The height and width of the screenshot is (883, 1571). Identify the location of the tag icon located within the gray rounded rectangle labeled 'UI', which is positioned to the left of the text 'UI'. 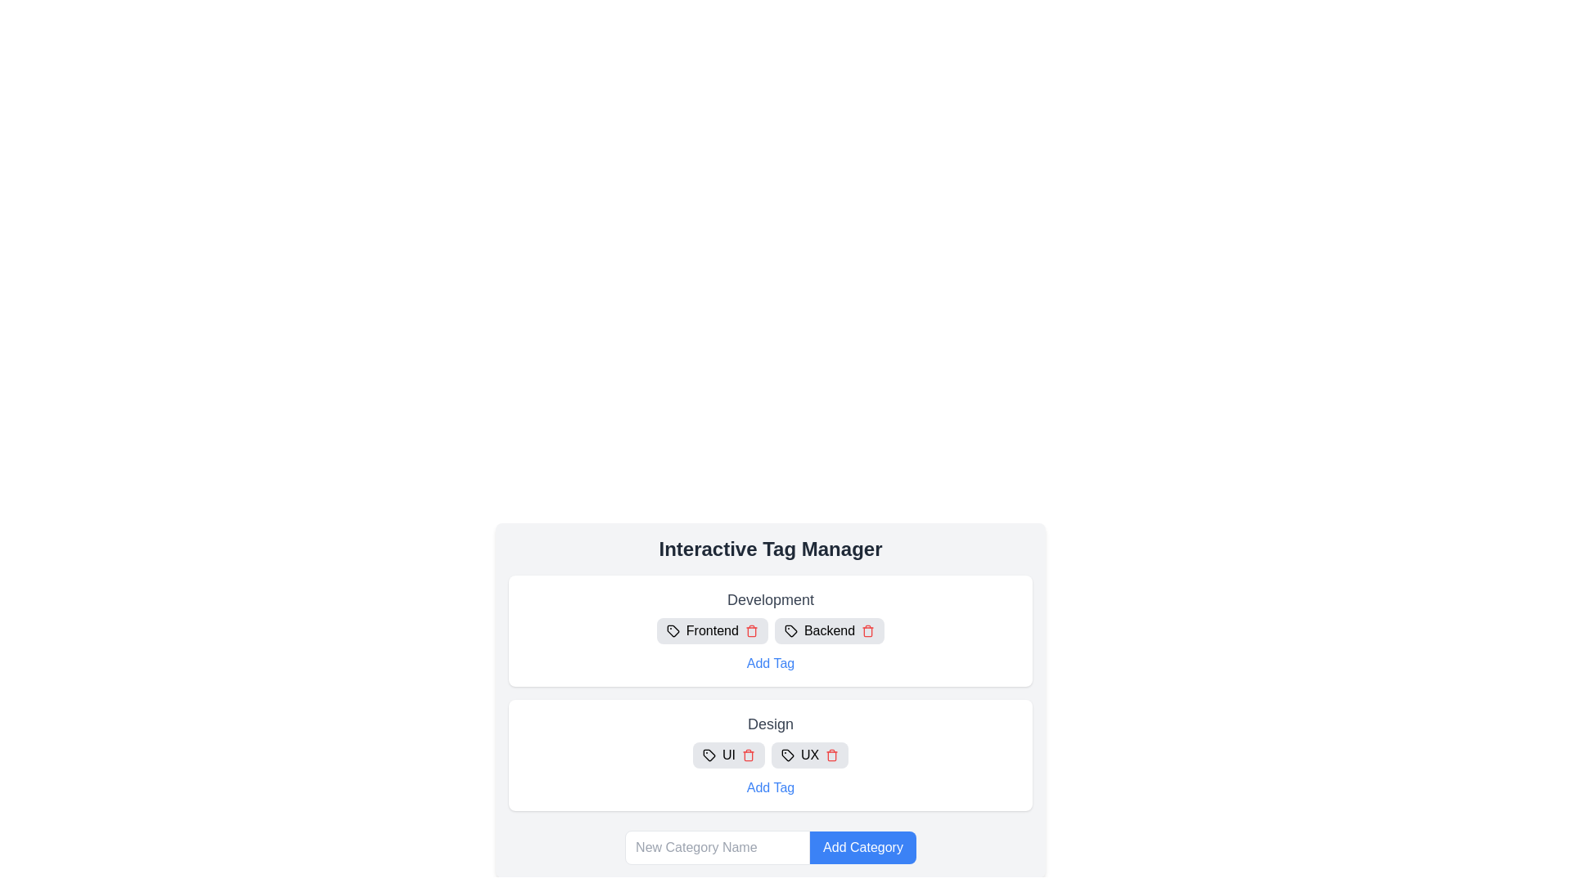
(709, 755).